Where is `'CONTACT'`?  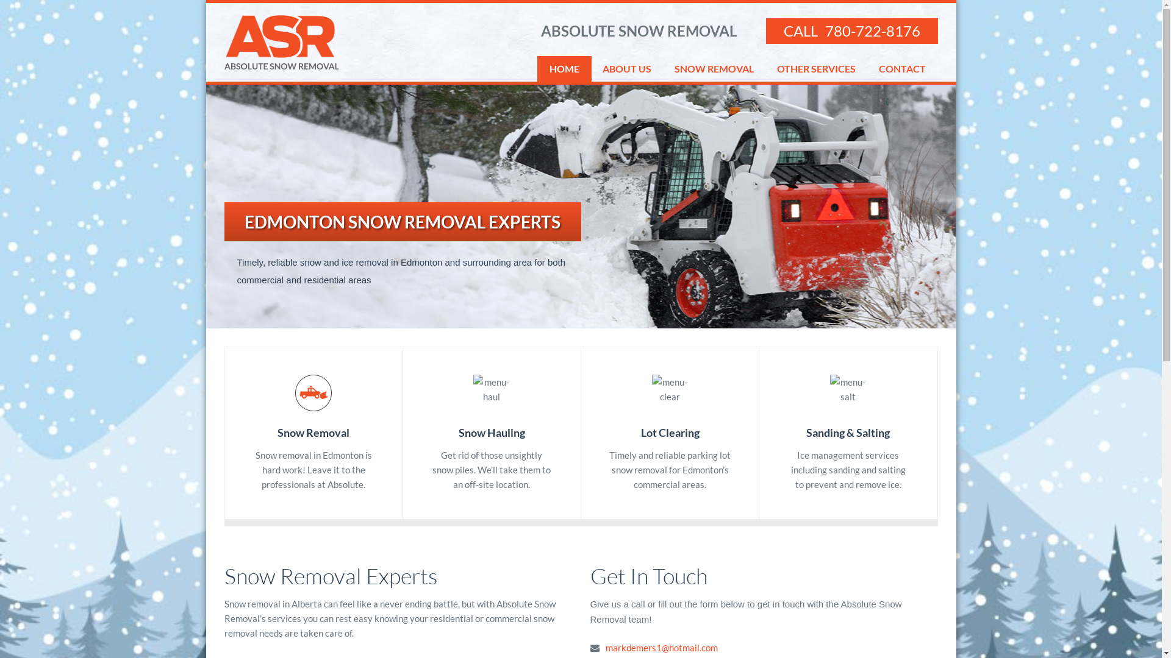
'CONTACT' is located at coordinates (901, 68).